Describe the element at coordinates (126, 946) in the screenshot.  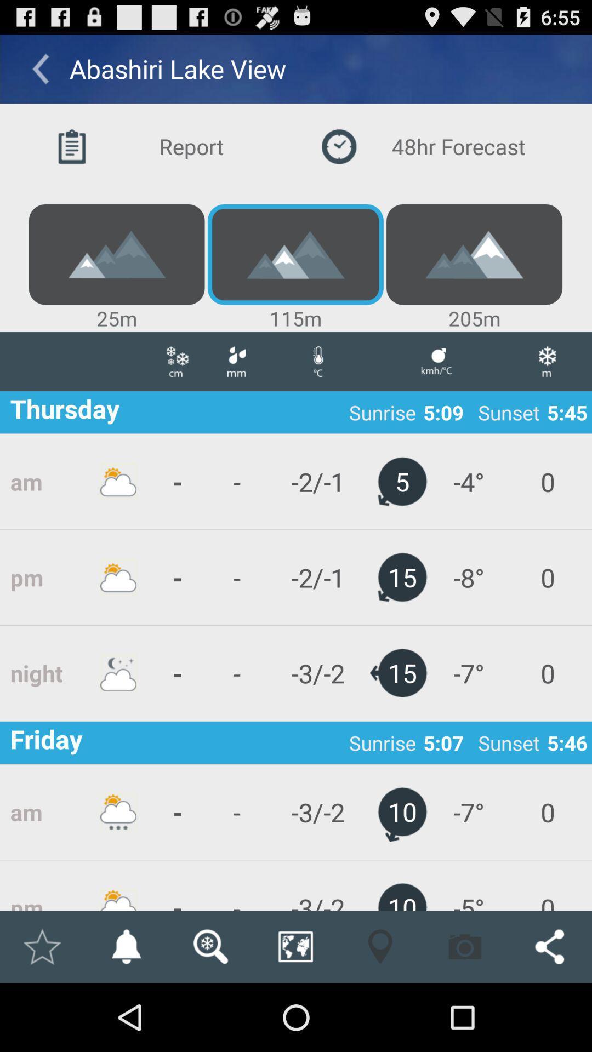
I see `use alarm` at that location.